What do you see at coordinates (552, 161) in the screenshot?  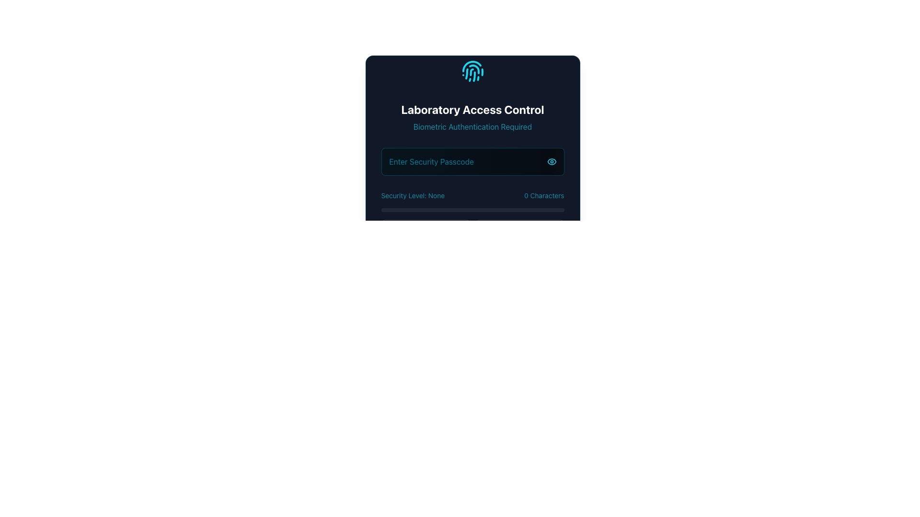 I see `the password visibility toggle icon located at the far right of the password input field to observe changes in styling` at bounding box center [552, 161].